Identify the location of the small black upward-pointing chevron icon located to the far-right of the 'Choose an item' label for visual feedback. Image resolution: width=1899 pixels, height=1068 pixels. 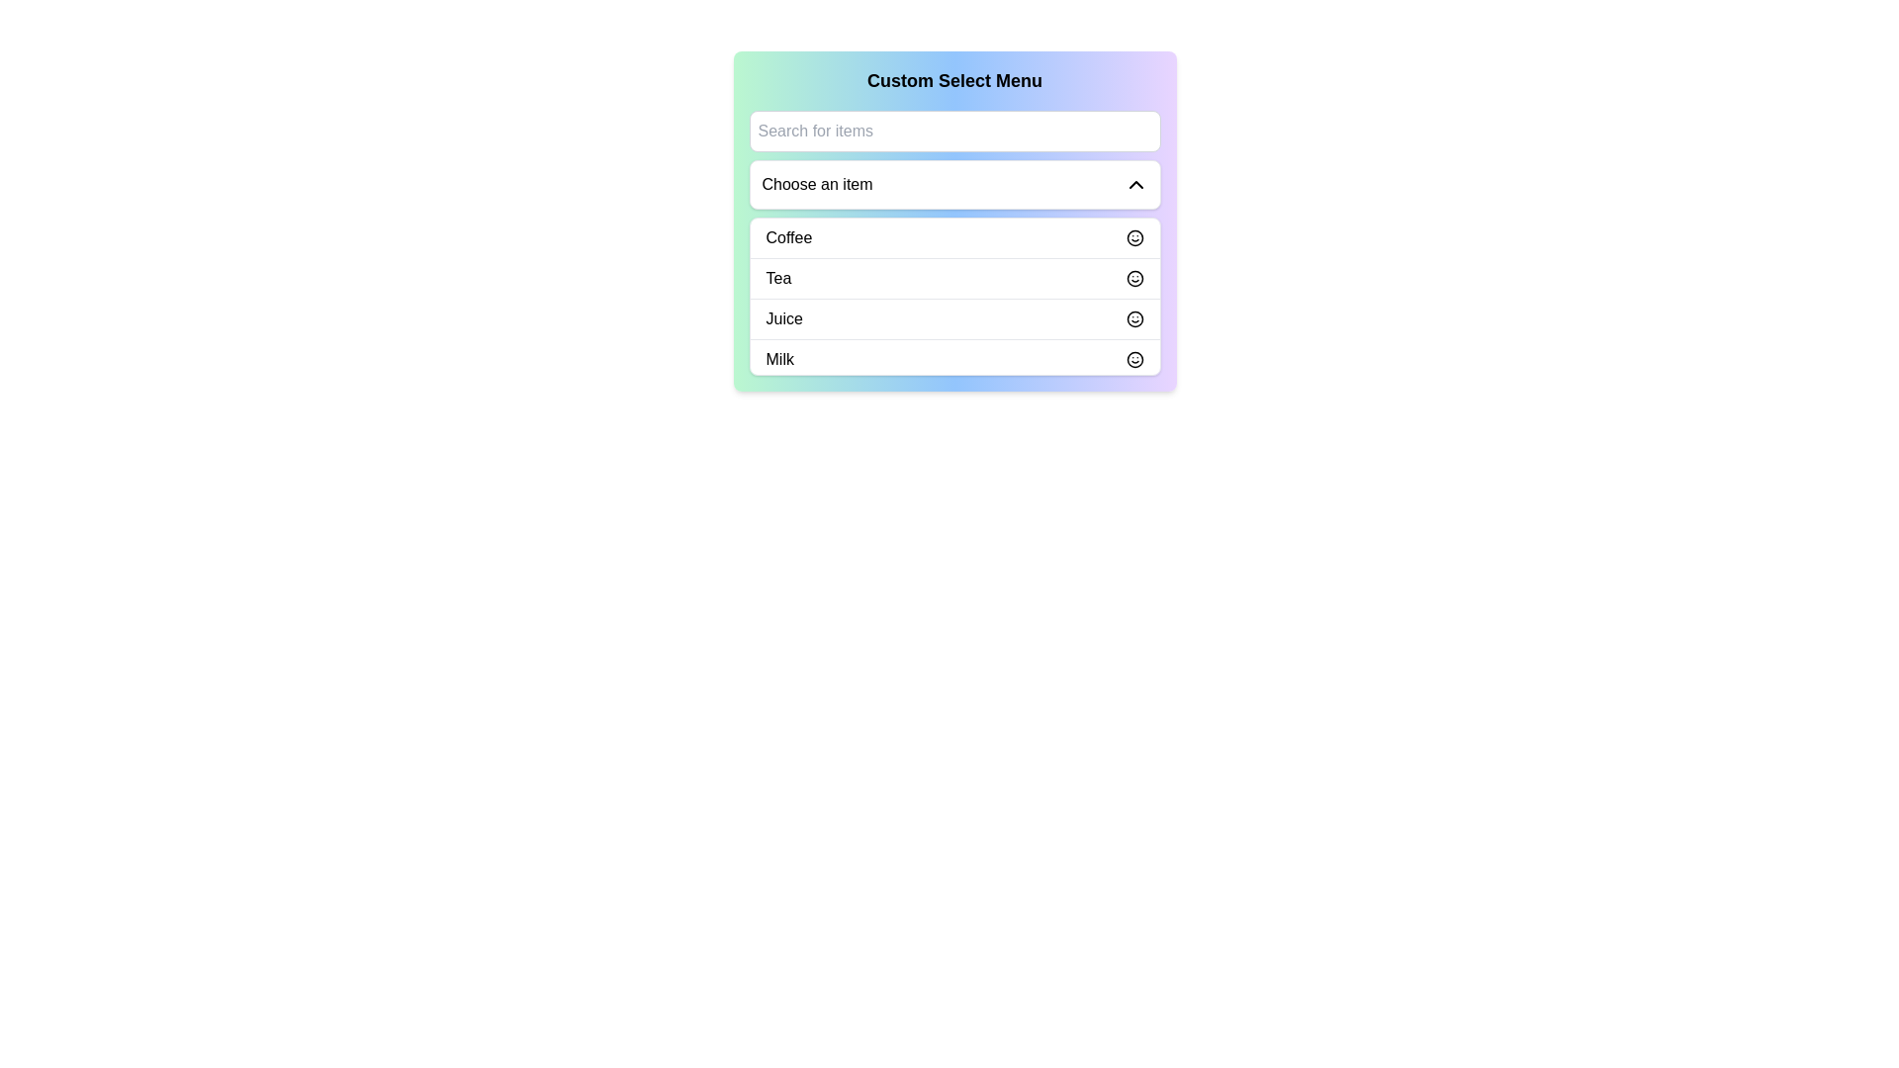
(1135, 184).